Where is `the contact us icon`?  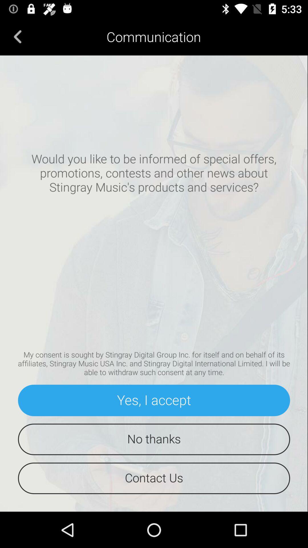
the contact us icon is located at coordinates (154, 478).